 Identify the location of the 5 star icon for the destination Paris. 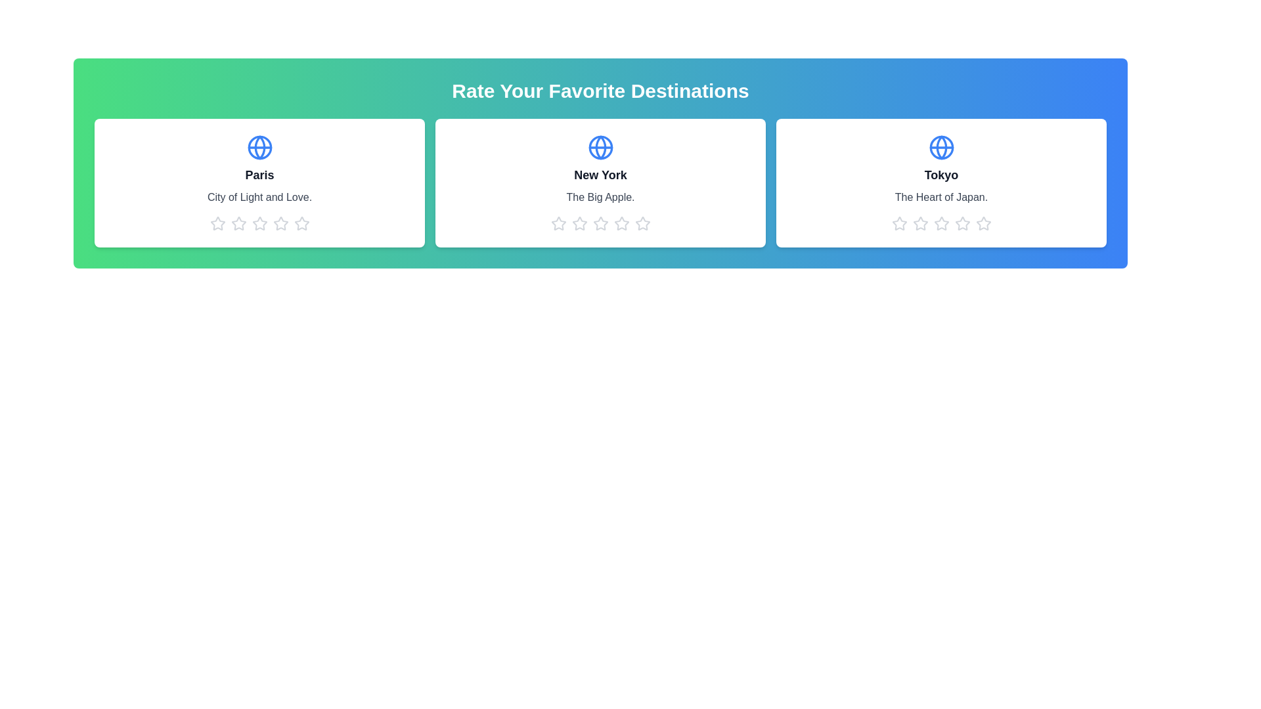
(301, 223).